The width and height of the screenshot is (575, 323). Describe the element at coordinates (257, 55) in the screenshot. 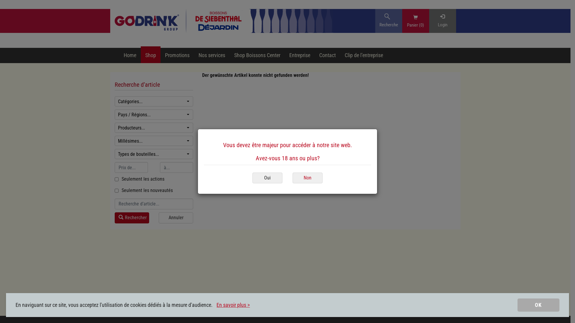

I see `'Shop Boissons Center'` at that location.